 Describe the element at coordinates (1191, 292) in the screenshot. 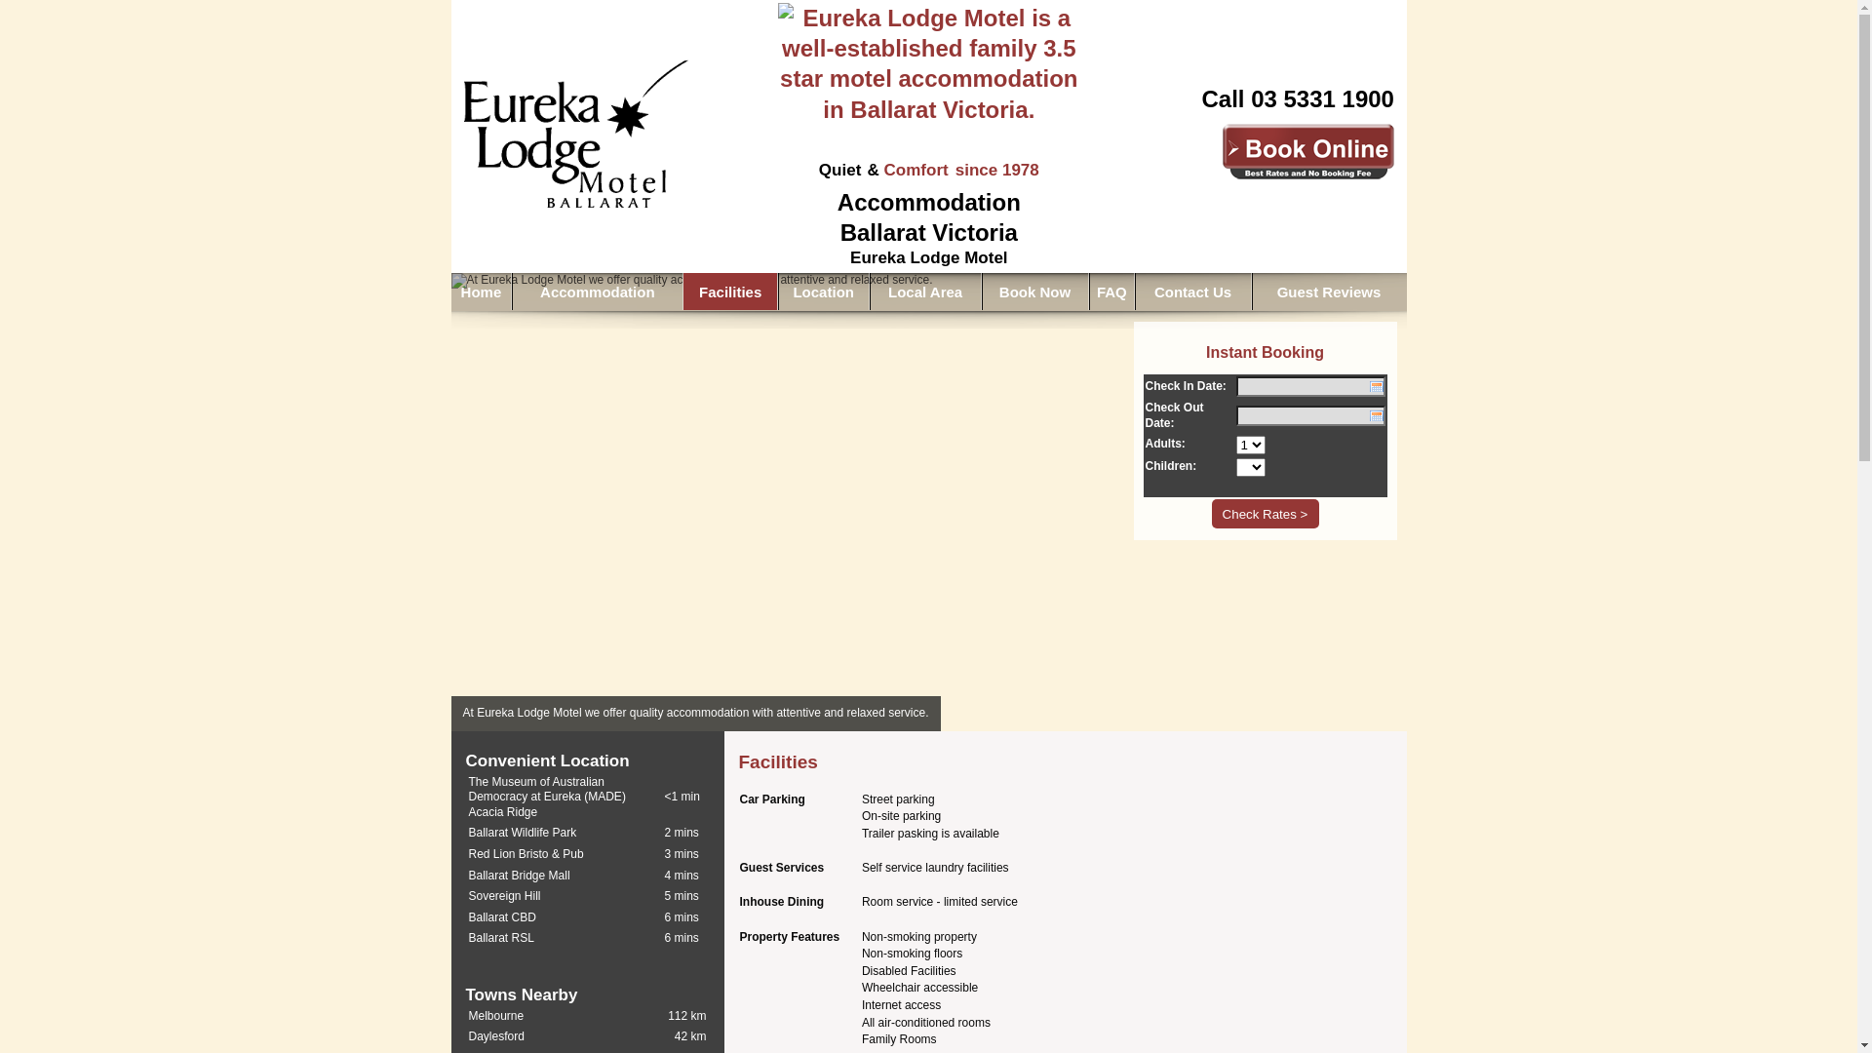

I see `'Contact Us'` at that location.